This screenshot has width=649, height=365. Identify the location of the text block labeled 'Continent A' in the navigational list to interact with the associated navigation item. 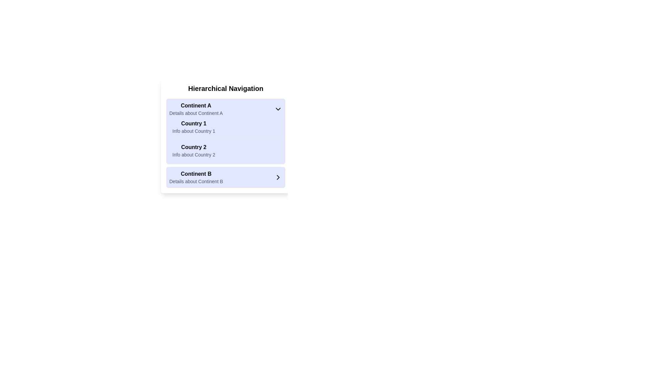
(196, 109).